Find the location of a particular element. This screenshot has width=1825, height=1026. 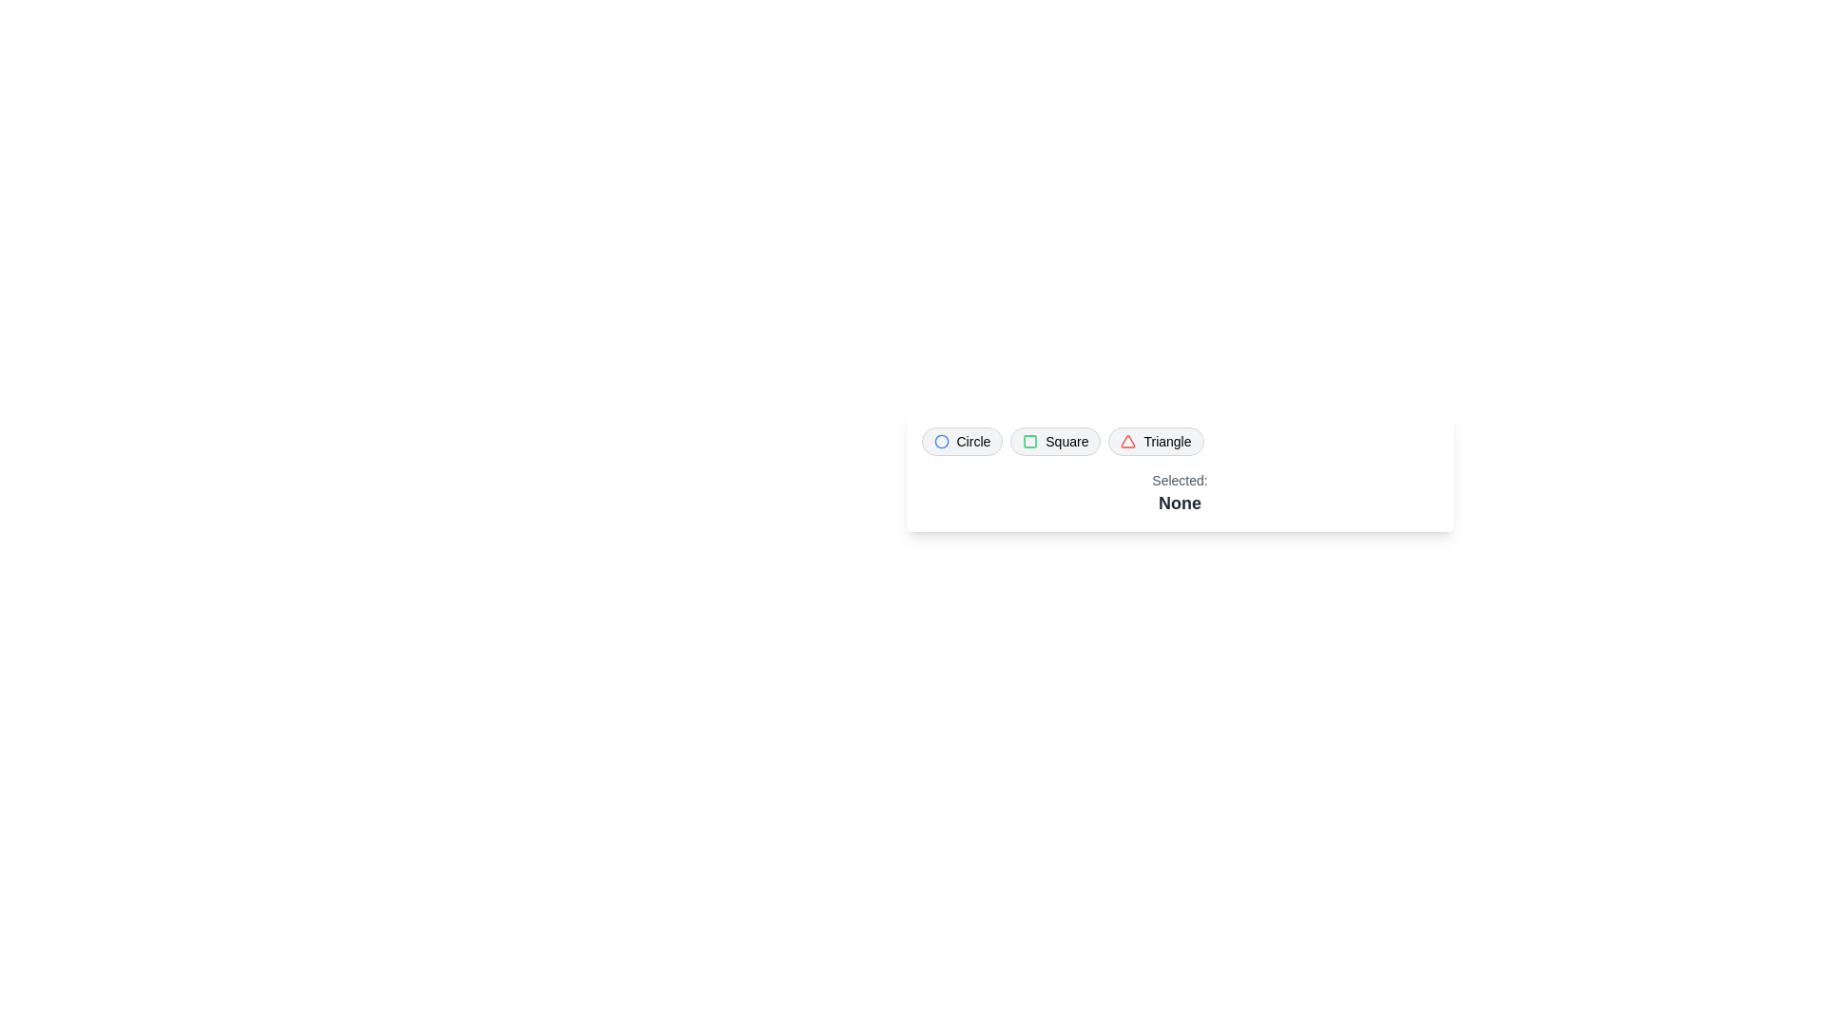

the chip labeled Square is located at coordinates (1054, 442).